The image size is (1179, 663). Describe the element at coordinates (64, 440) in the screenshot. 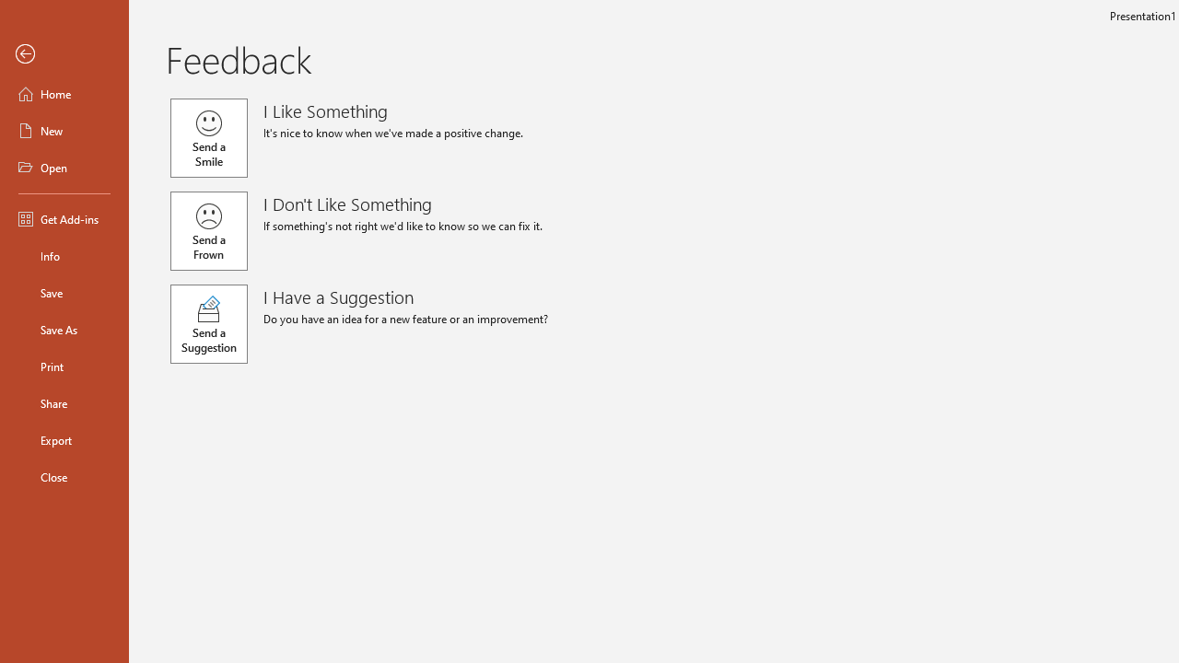

I see `'Export'` at that location.